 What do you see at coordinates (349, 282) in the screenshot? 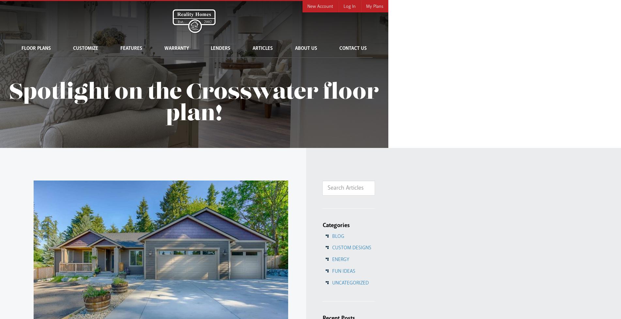
I see `'Uncategorized'` at bounding box center [349, 282].